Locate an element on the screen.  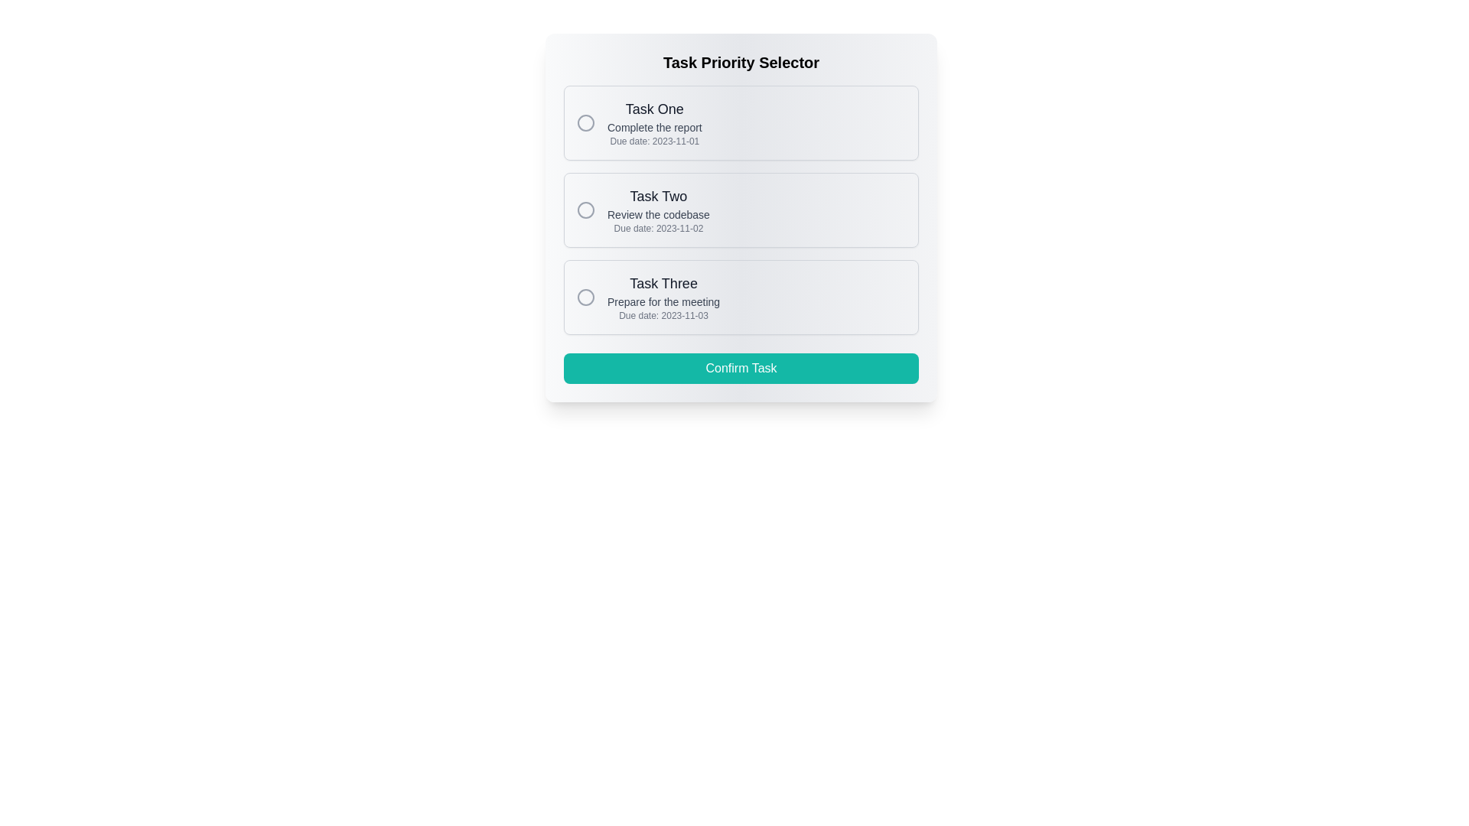
to select the second task in the vertically arranged list of tasks, which is located between 'Task One' and 'Task Three' is located at coordinates (741, 210).